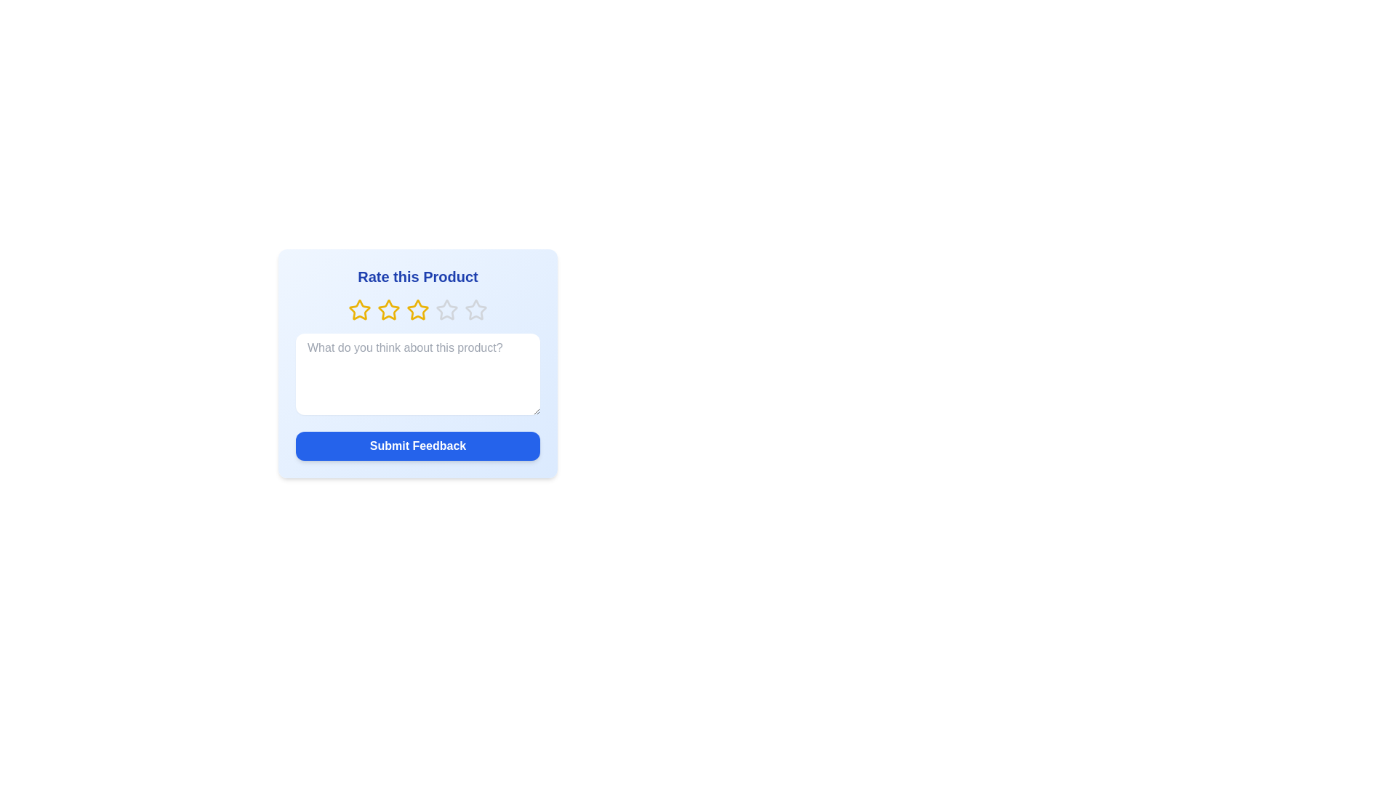  I want to click on the fourth star in the 5-star rating system, so click(446, 310).